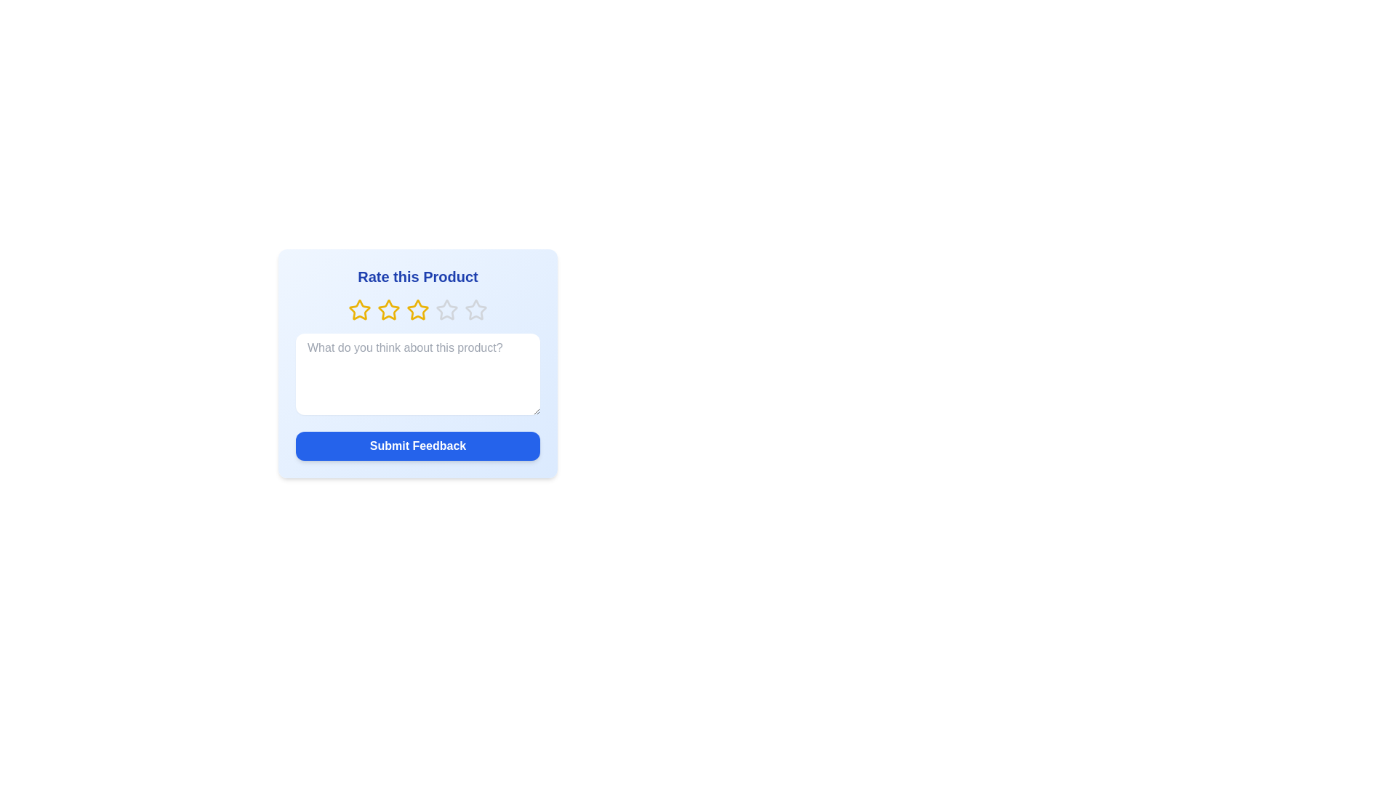  I want to click on the fourth star in the 5-star rating system, so click(446, 310).